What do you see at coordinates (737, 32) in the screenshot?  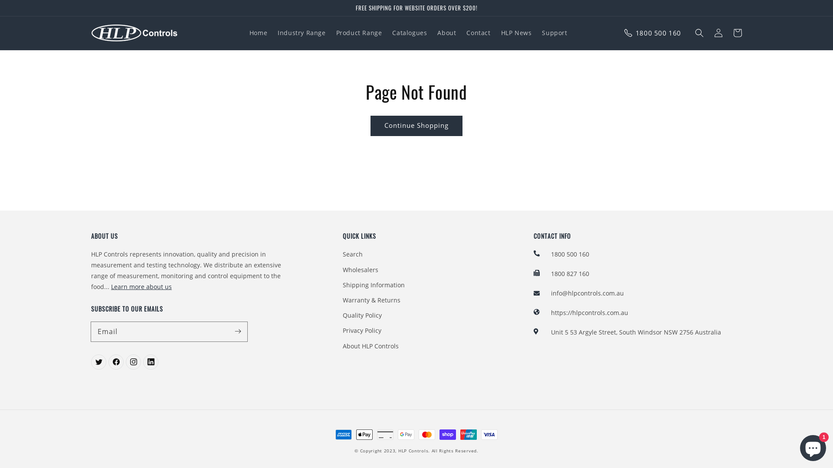 I see `'Cart'` at bounding box center [737, 32].